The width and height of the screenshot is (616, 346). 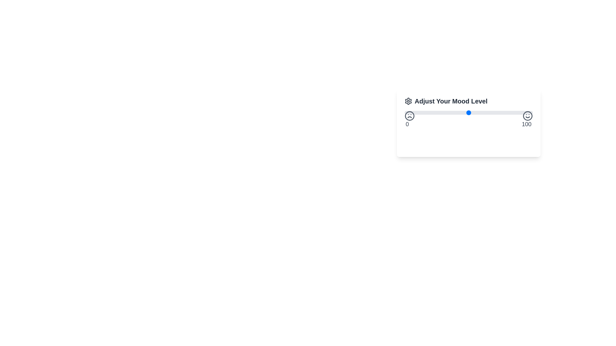 I want to click on the 'Save Mood' button located at the bottom of the centered UI card titled 'Adjust Your Mood Level', so click(x=468, y=123).